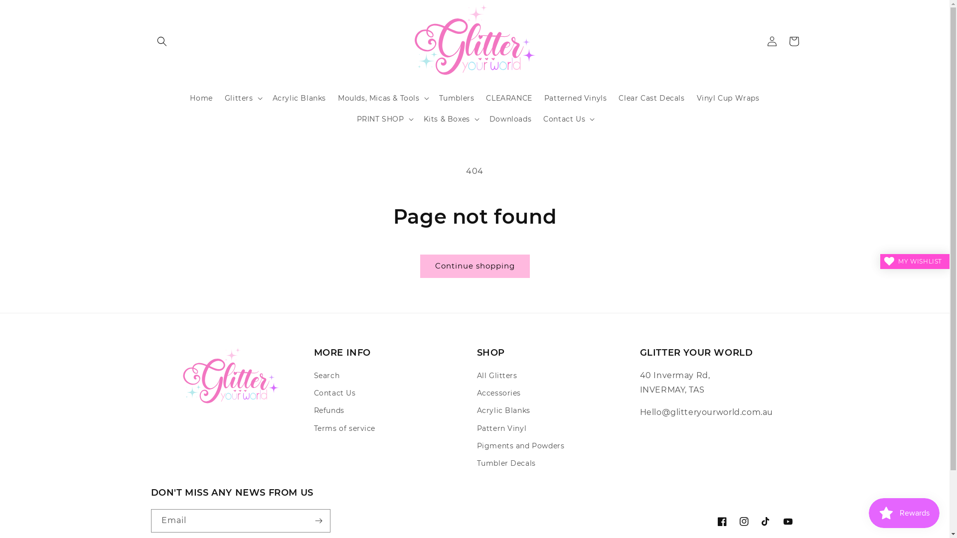  What do you see at coordinates (732, 521) in the screenshot?
I see `'Instagram'` at bounding box center [732, 521].